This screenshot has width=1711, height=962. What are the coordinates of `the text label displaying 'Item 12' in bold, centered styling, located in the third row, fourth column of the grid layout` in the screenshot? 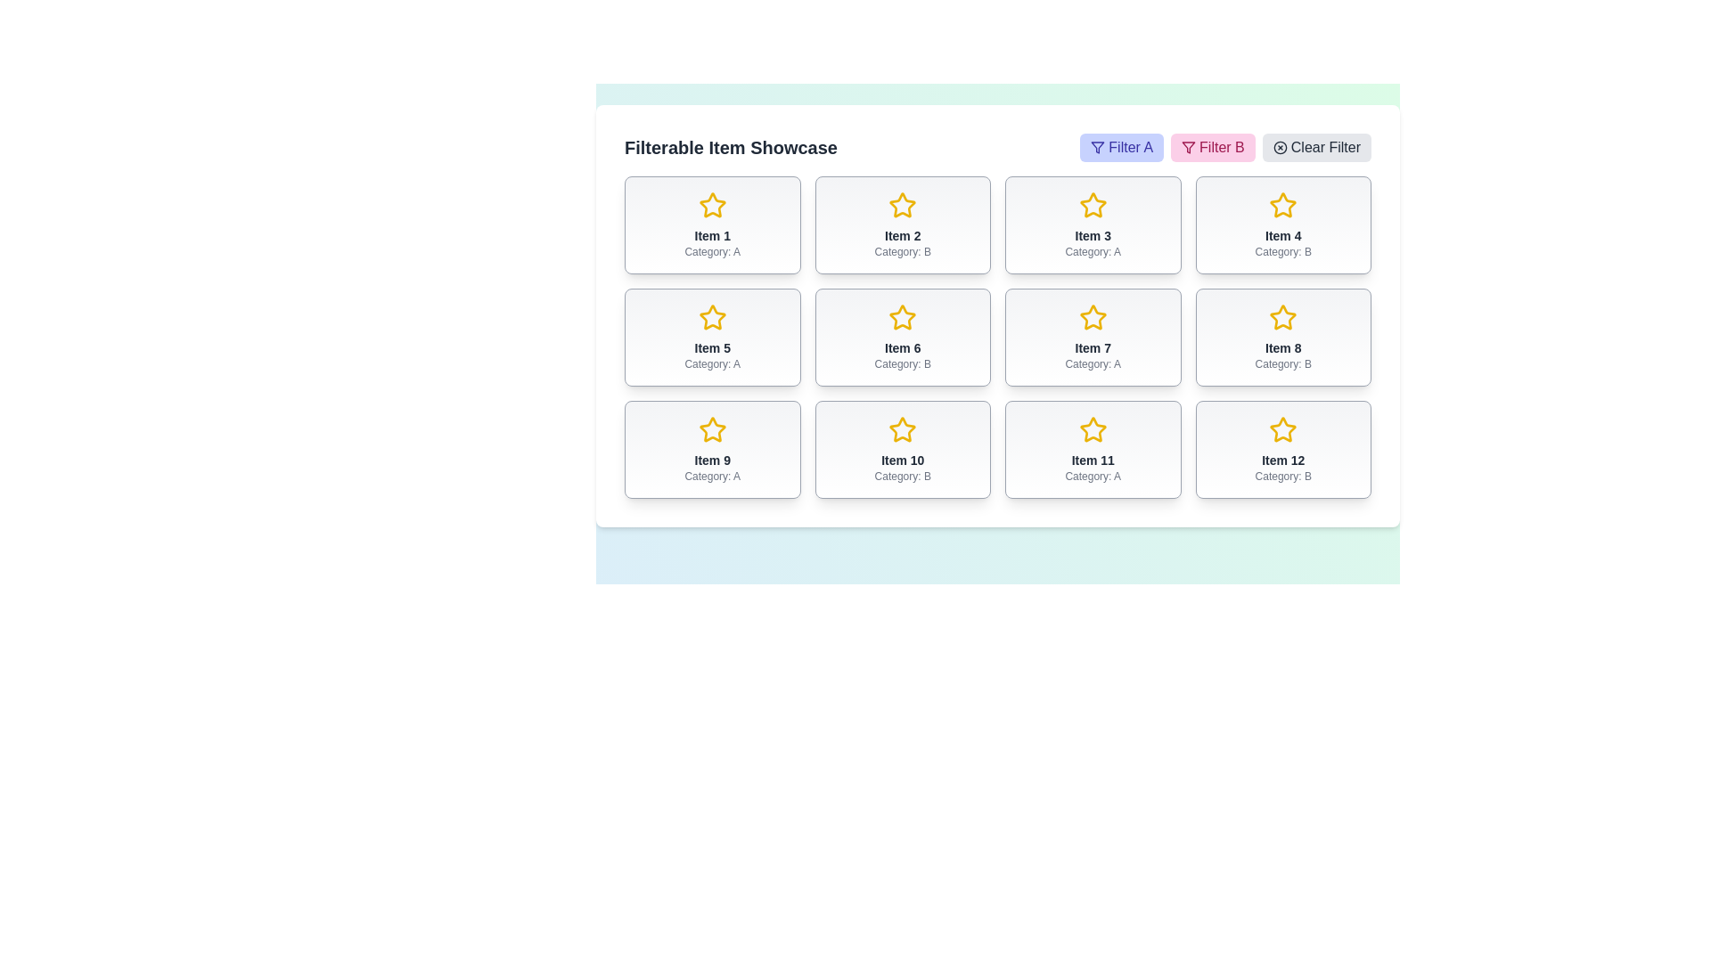 It's located at (1283, 459).